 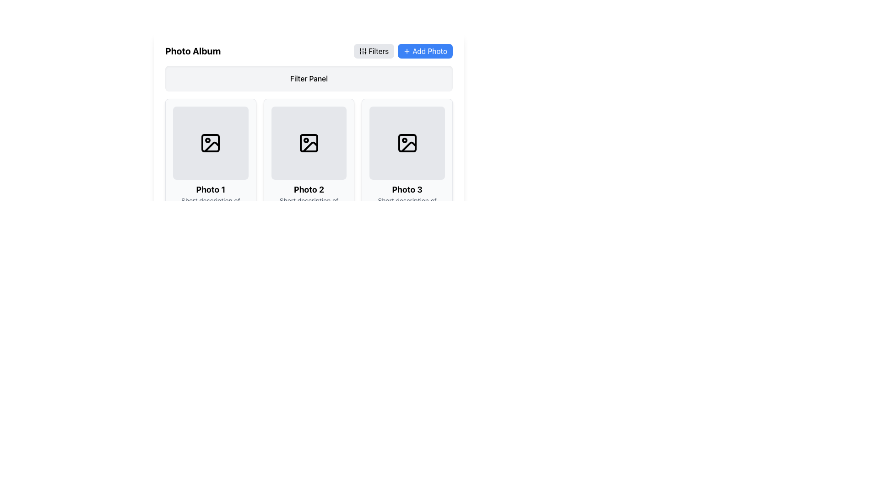 I want to click on the plus sign icon inside the blue 'Add Photo' button located in the top-right corner of the interface, so click(x=407, y=51).